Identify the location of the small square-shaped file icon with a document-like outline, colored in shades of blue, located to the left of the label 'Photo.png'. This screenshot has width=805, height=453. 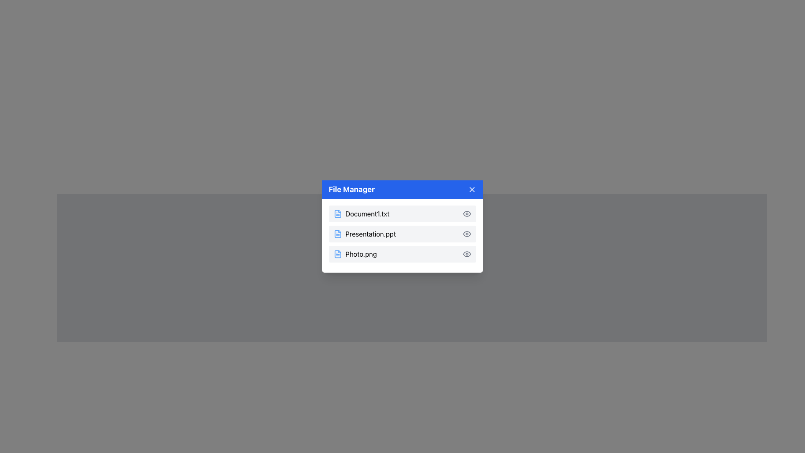
(338, 253).